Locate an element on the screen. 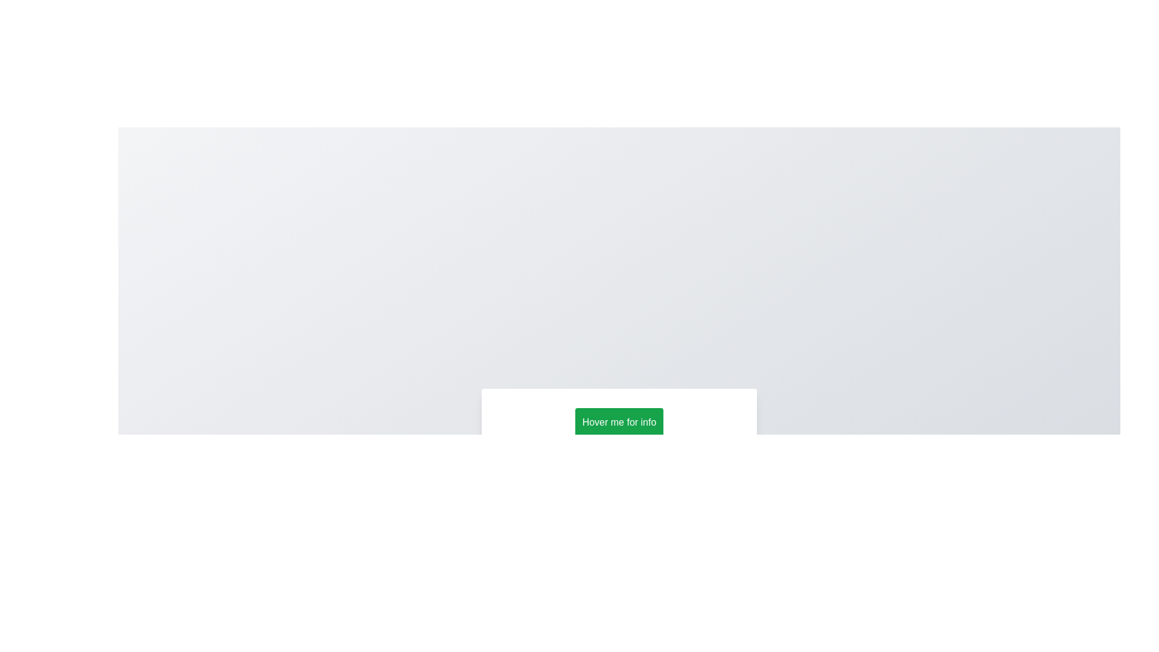 Image resolution: width=1159 pixels, height=652 pixels. the green button with the phrase 'Hover me for info' is located at coordinates (619, 421).